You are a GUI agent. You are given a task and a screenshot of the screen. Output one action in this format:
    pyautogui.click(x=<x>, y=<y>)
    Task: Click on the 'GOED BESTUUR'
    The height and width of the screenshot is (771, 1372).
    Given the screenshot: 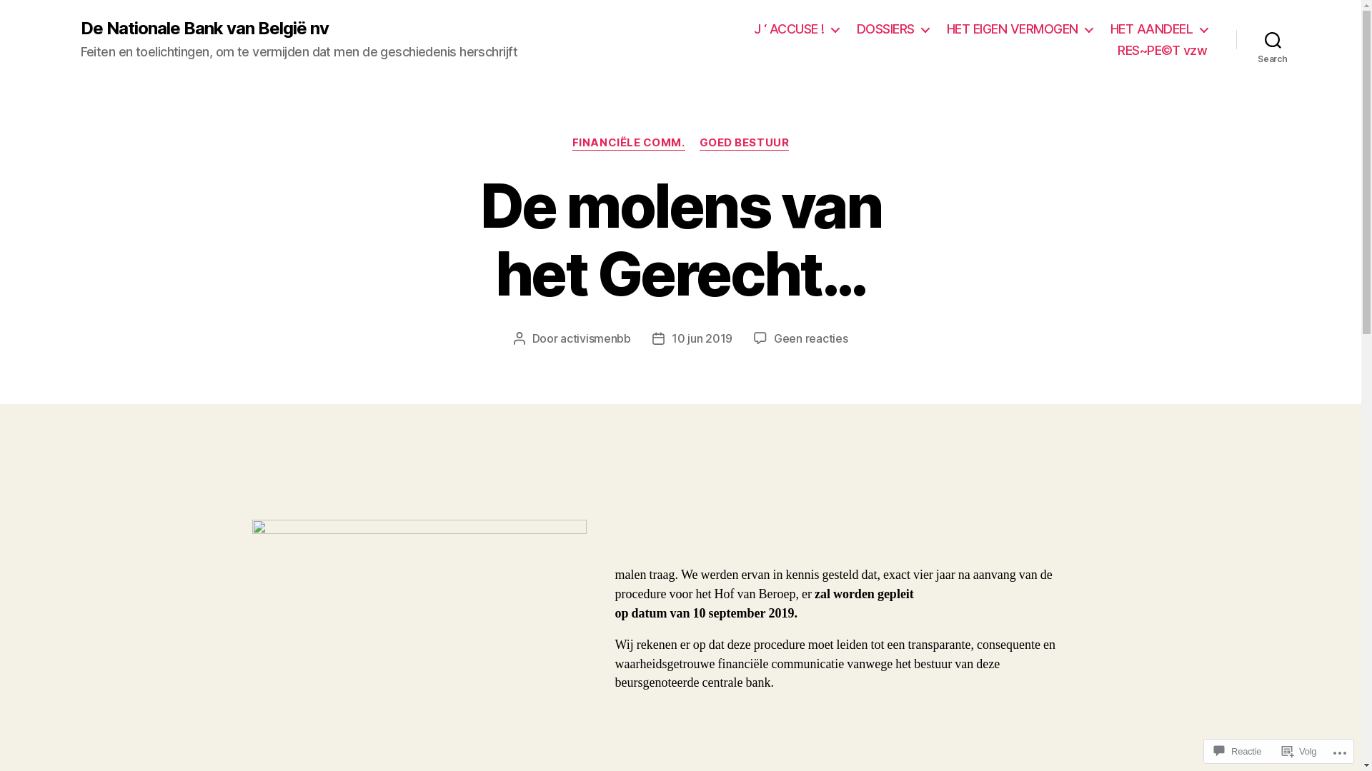 What is the action you would take?
    pyautogui.click(x=700, y=143)
    